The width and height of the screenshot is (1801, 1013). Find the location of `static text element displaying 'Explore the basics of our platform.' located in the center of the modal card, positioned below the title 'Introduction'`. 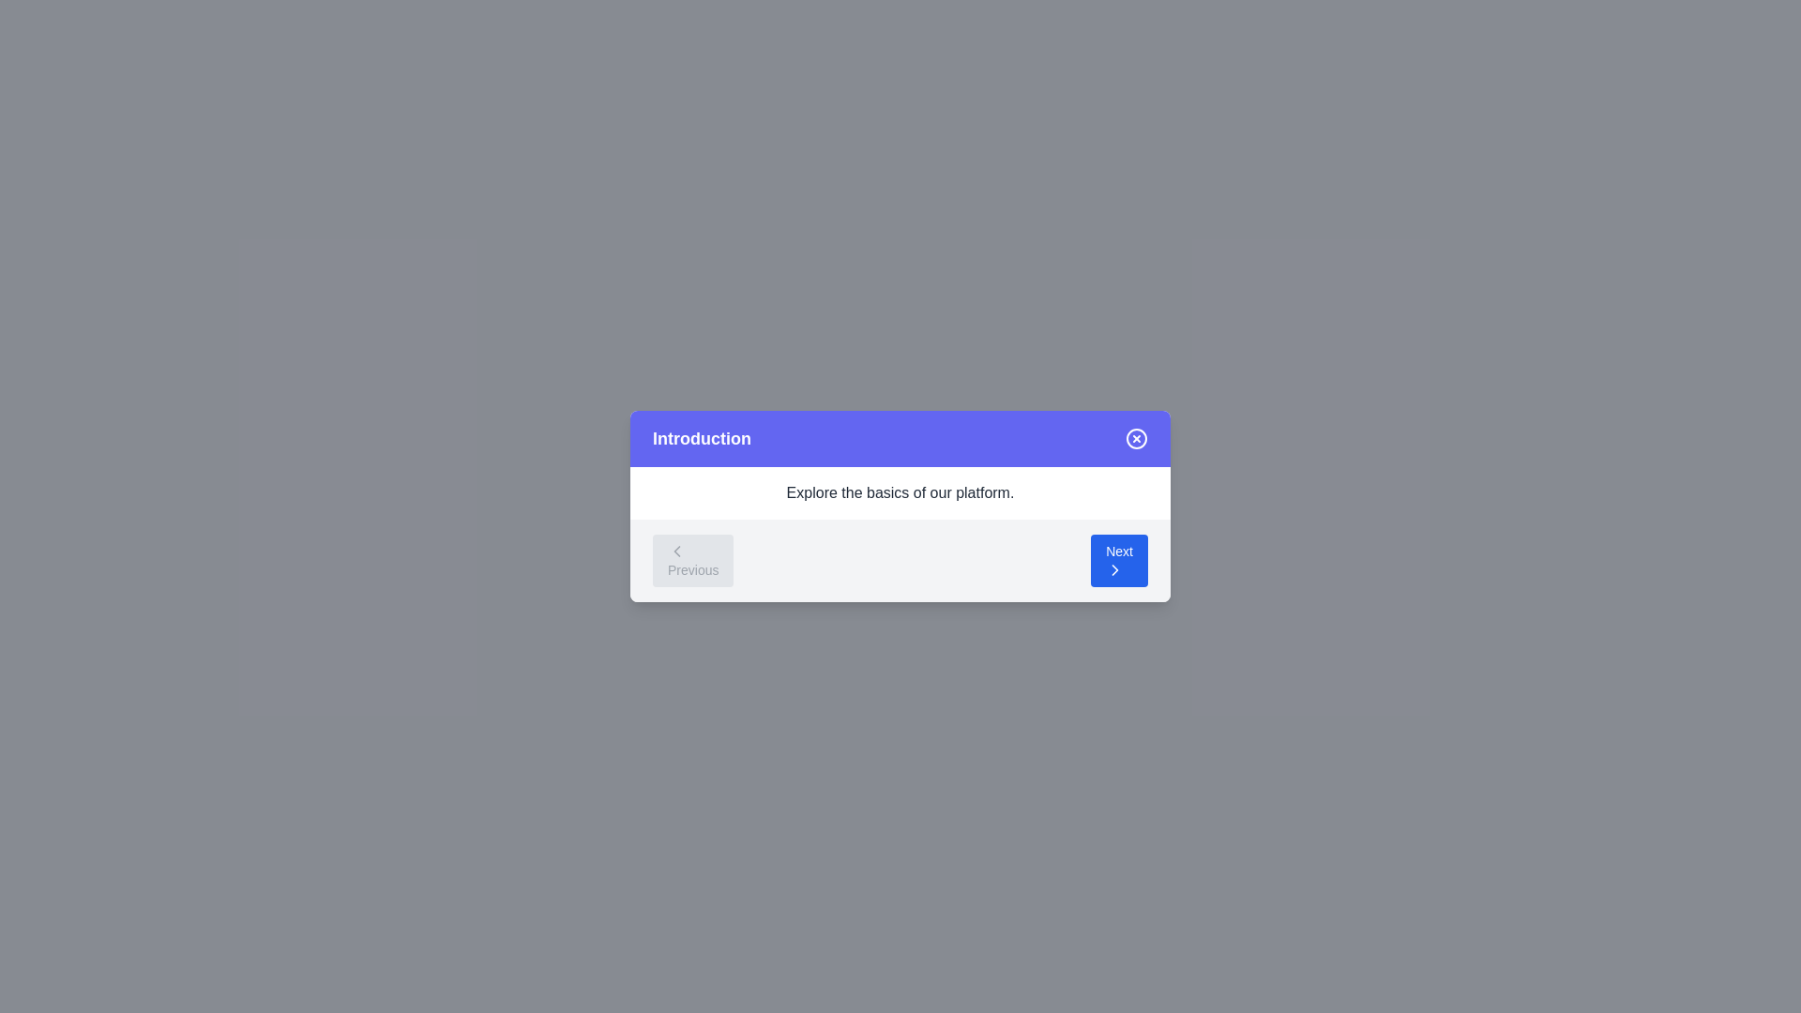

static text element displaying 'Explore the basics of our platform.' located in the center of the modal card, positioned below the title 'Introduction' is located at coordinates (900, 491).